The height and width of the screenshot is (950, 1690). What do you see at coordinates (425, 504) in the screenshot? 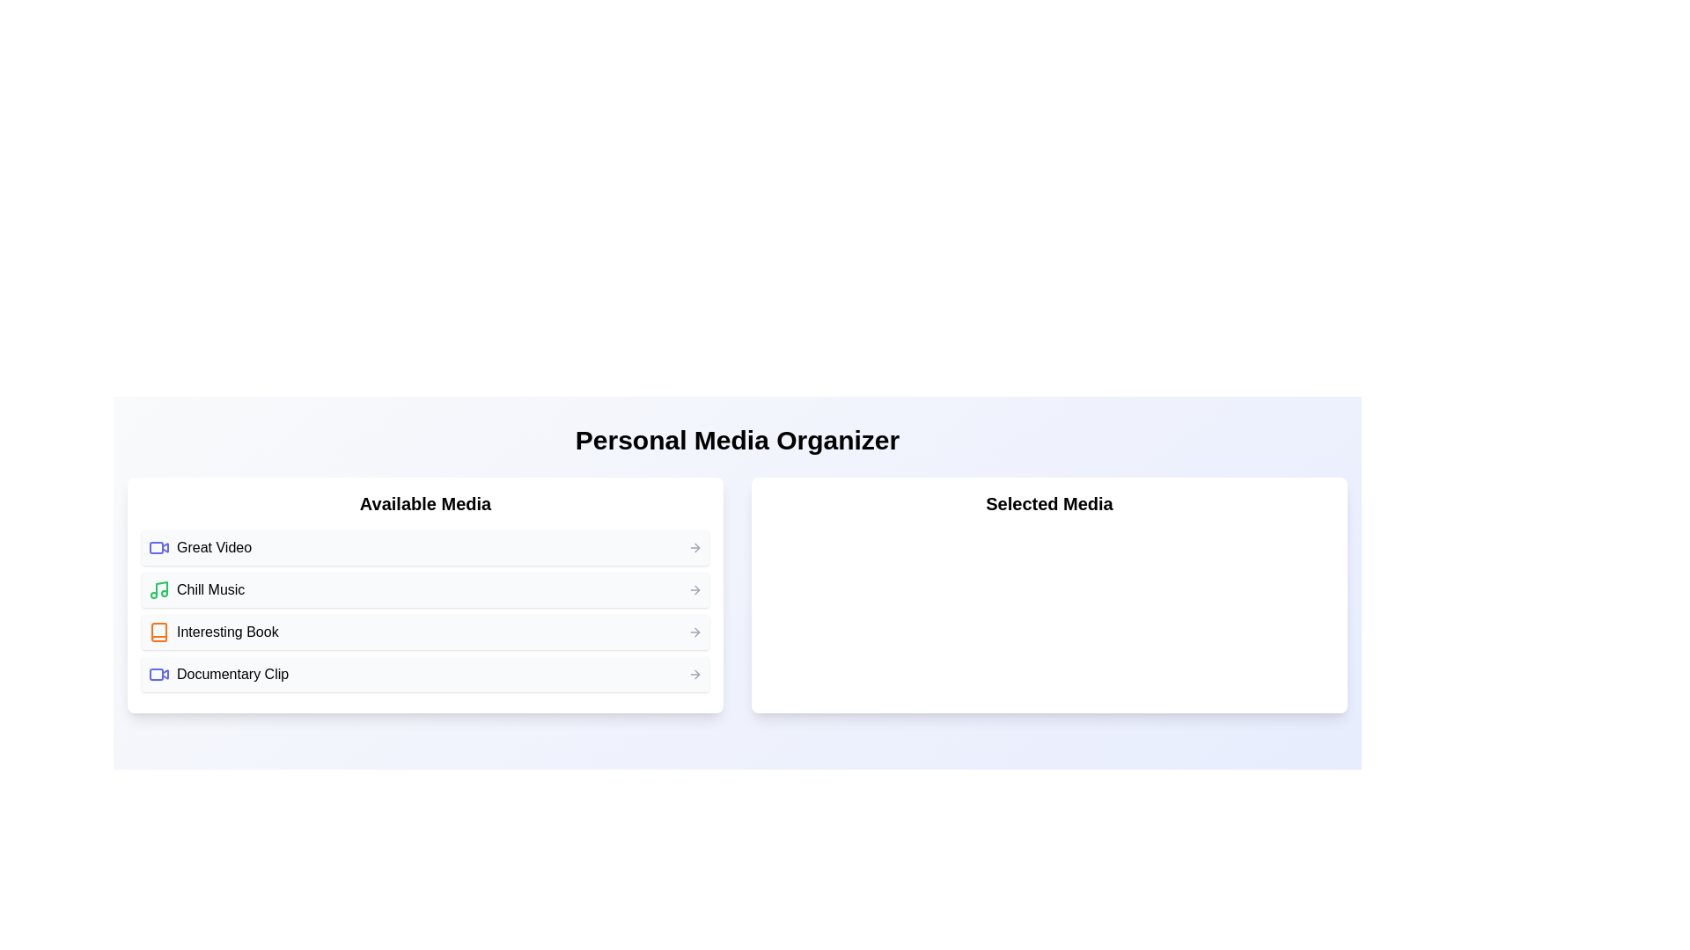
I see `the 'Available Media' section header, which is prominently displayed in bold text and centered above a list of items` at bounding box center [425, 504].